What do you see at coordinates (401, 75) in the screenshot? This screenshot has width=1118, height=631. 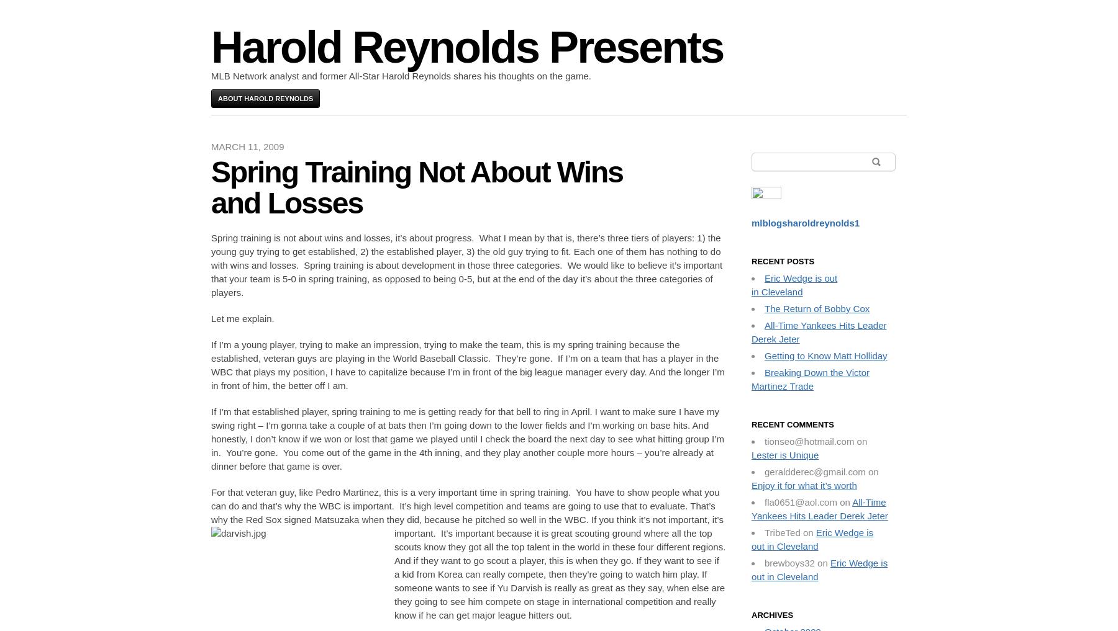 I see `'MLB Network analyst and former All-Star Harold Reynolds shares his thoughts on the game.'` at bounding box center [401, 75].